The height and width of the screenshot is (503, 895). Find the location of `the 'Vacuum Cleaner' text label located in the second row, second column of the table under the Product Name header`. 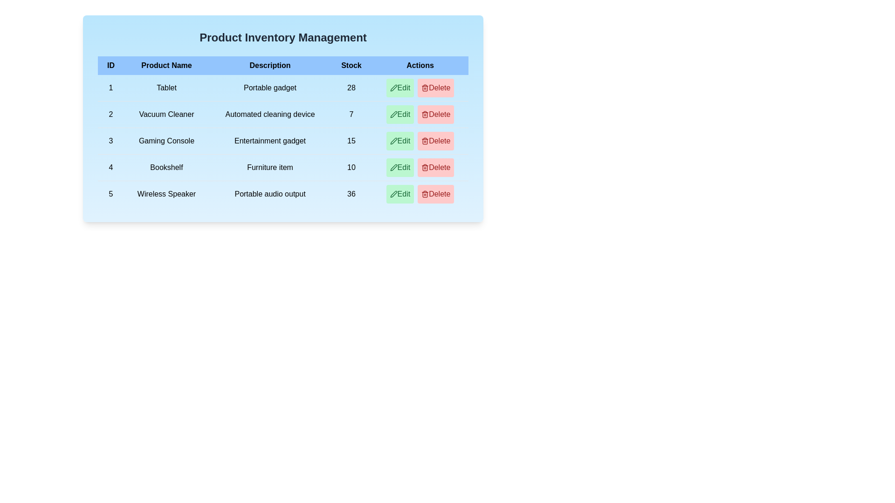

the 'Vacuum Cleaner' text label located in the second row, second column of the table under the Product Name header is located at coordinates (166, 114).